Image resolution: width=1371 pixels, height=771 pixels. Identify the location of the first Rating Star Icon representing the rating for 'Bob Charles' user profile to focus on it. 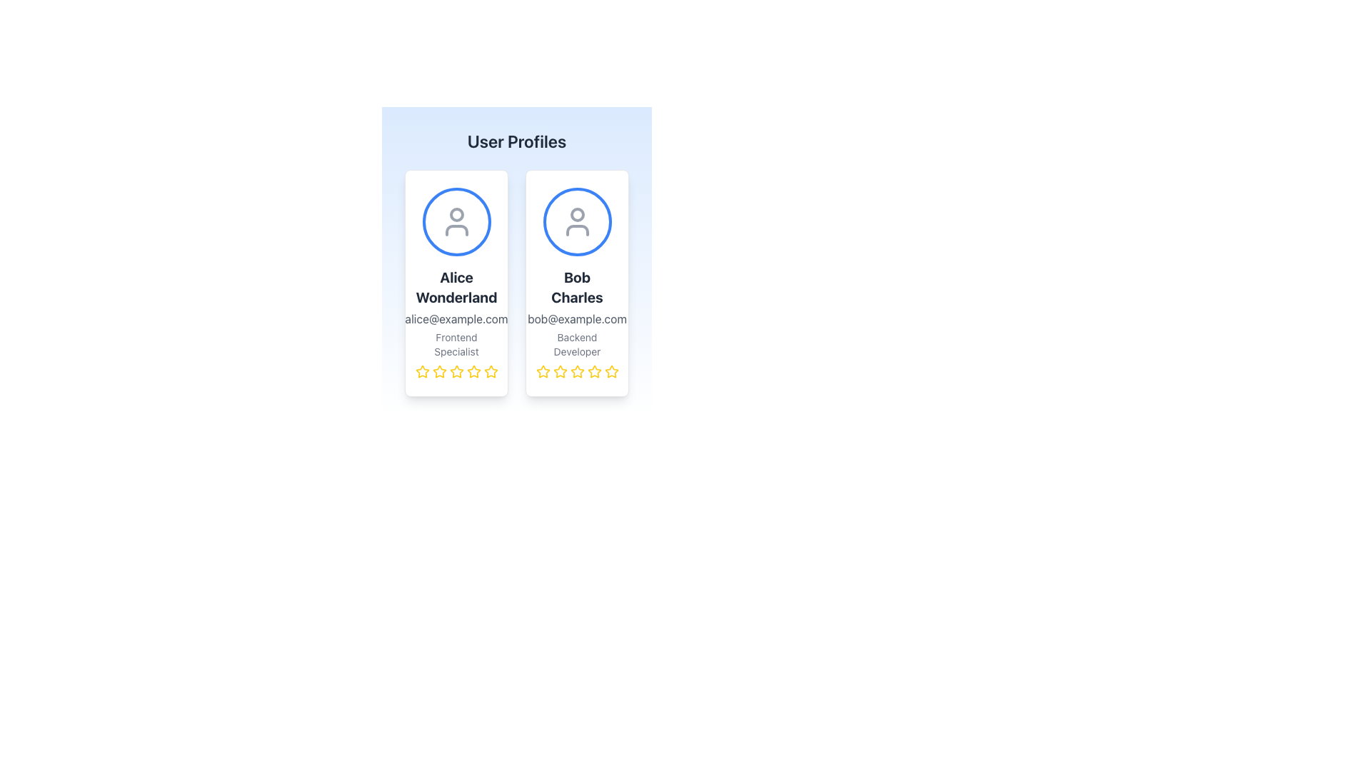
(542, 371).